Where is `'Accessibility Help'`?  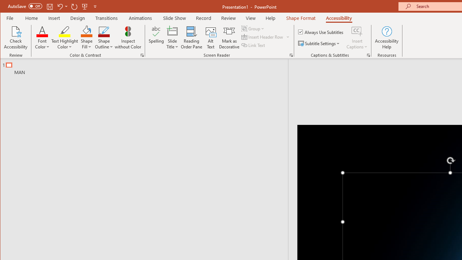
'Accessibility Help' is located at coordinates (387, 38).